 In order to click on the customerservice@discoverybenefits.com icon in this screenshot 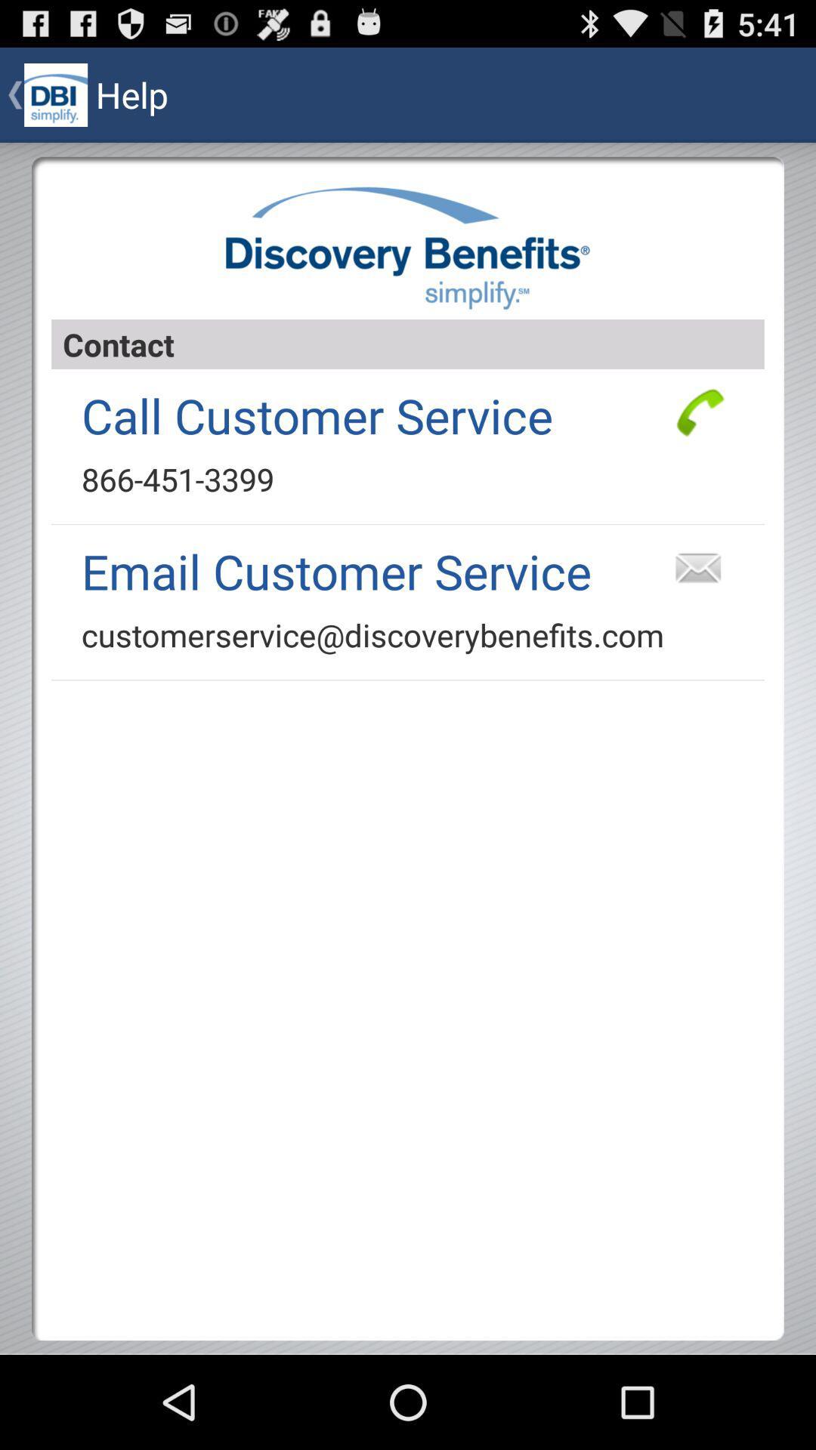, I will do `click(372, 634)`.